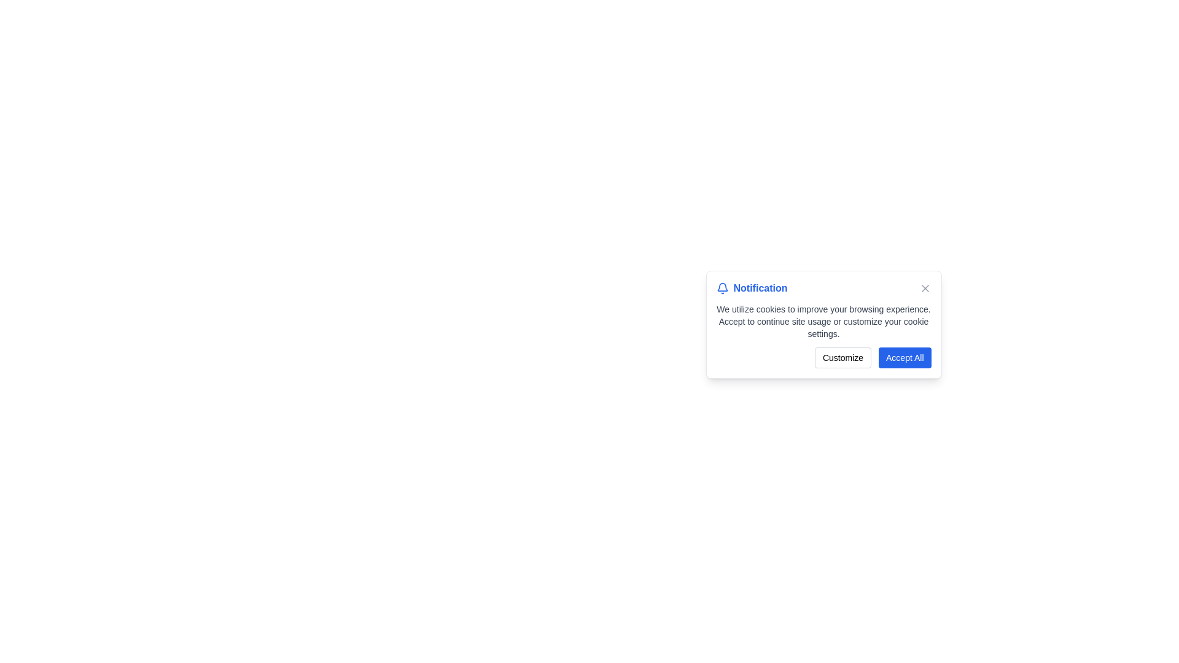 This screenshot has width=1179, height=663. Describe the element at coordinates (823, 357) in the screenshot. I see `the 'Customize' button with a light gray border and rounded corners, which is located in the bottom right corner of a notification dialog box` at that location.